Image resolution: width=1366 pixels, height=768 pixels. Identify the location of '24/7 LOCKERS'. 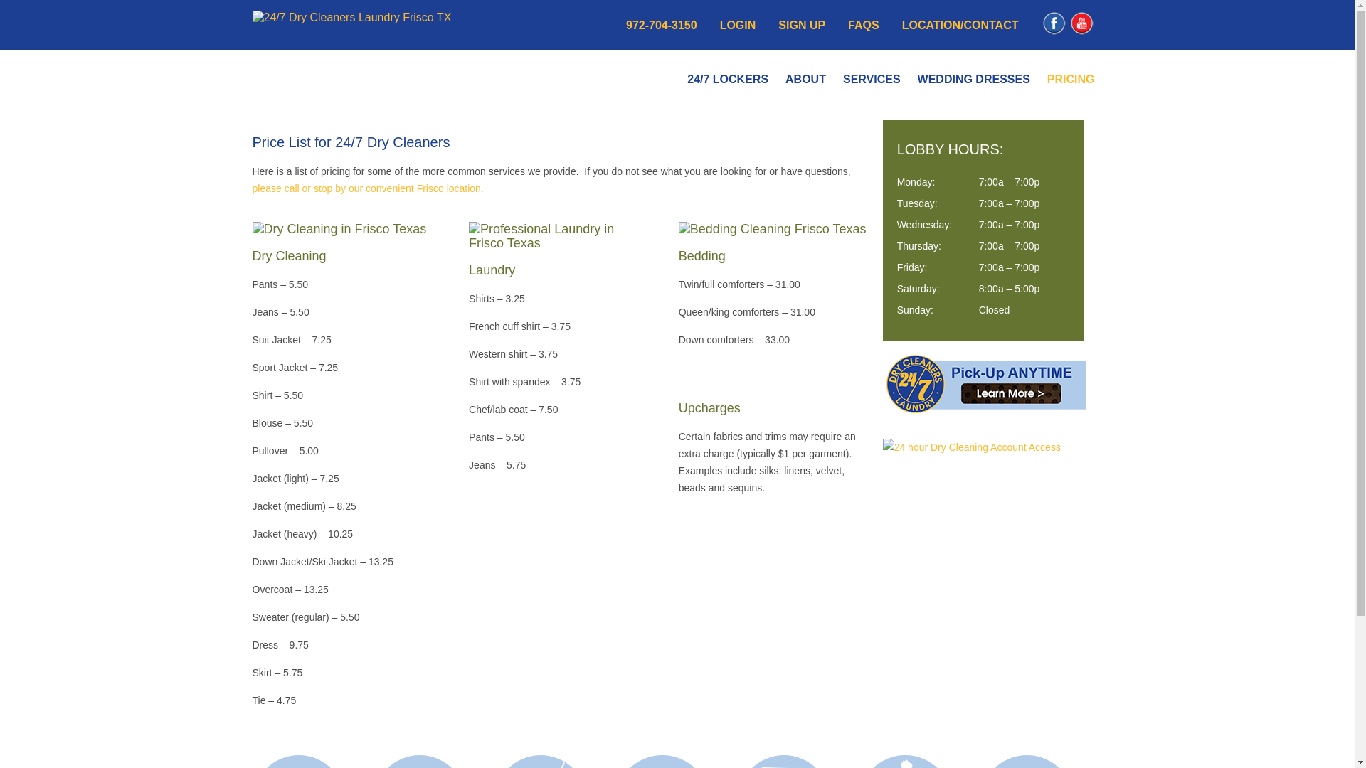
(727, 79).